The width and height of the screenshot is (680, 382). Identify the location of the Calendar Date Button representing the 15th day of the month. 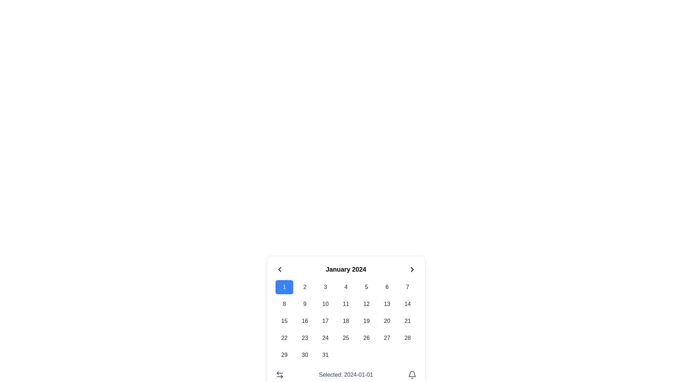
(284, 321).